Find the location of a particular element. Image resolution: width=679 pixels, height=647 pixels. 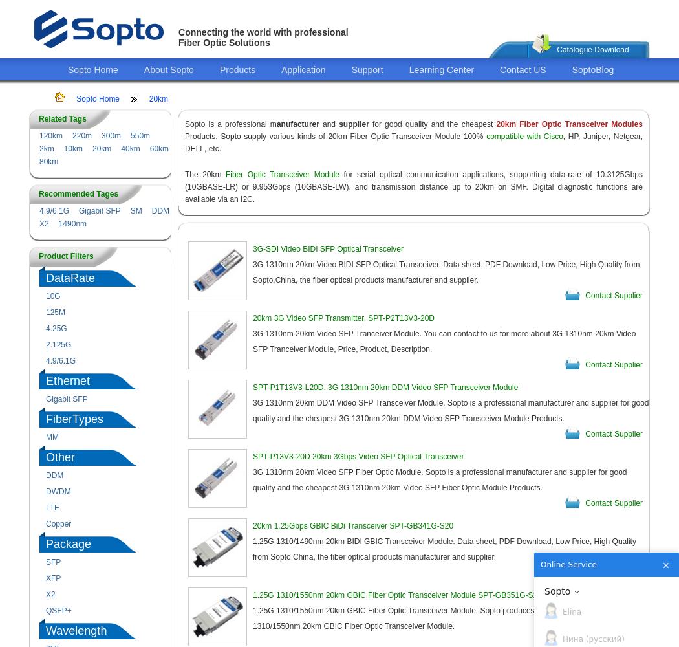

'anufacturer' is located at coordinates (299, 124).